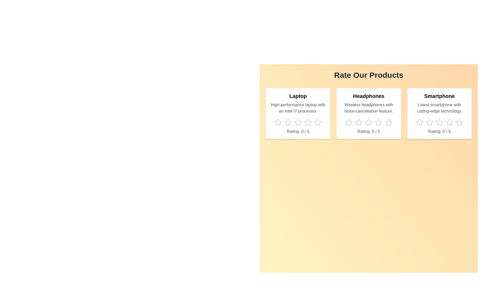 The height and width of the screenshot is (282, 502). I want to click on the star icon corresponding to 3 stars for the product Laptop, so click(298, 122).